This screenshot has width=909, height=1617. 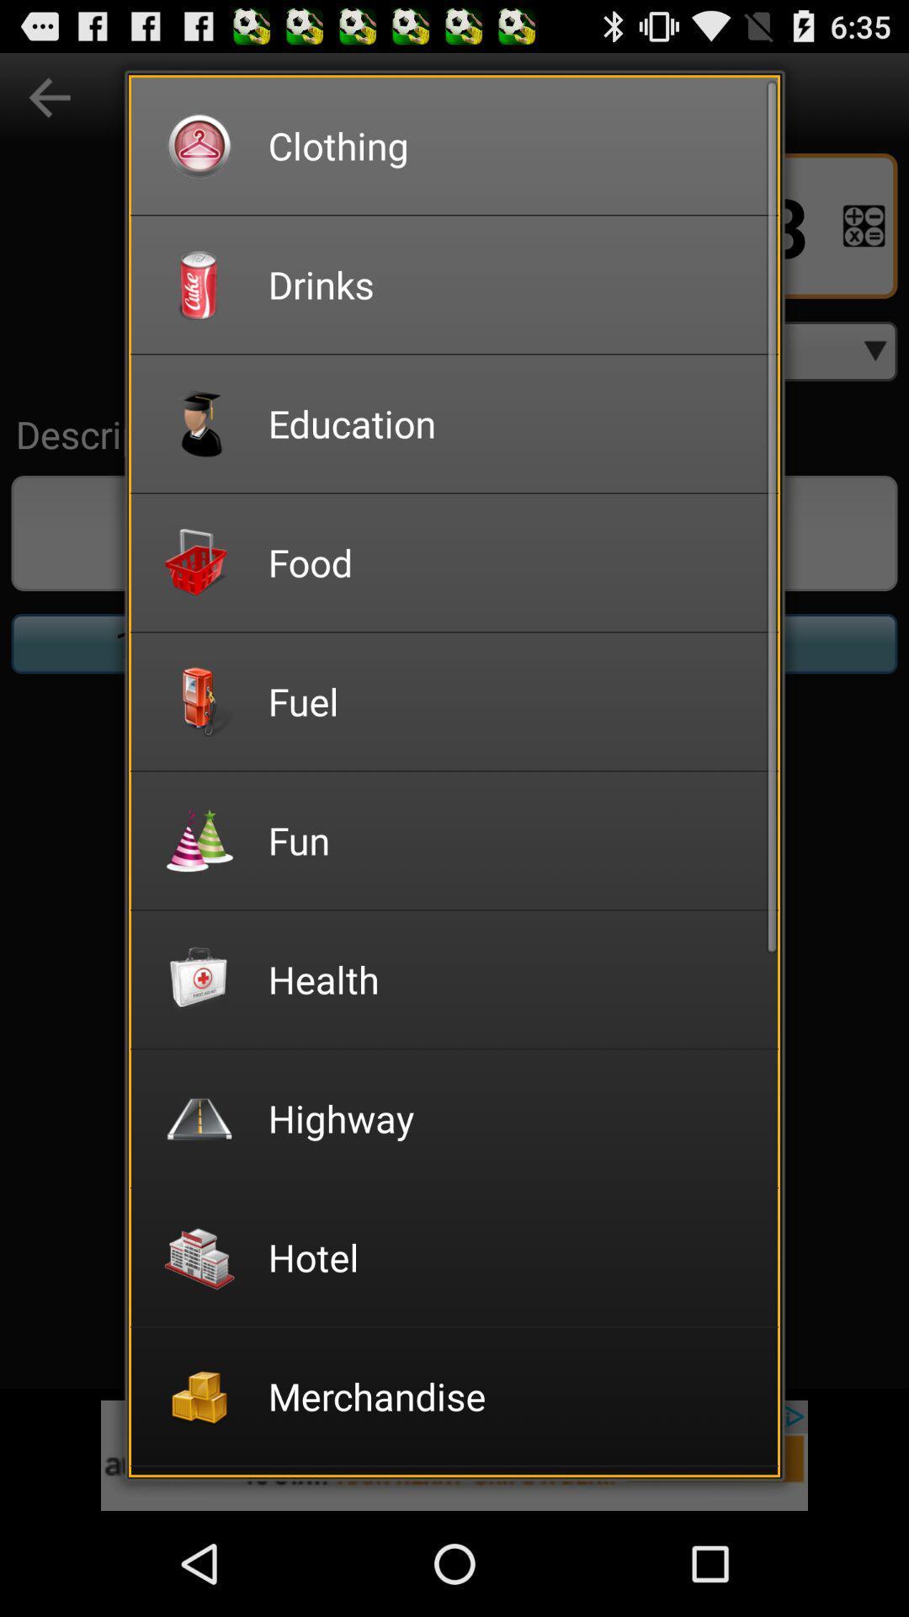 I want to click on the merchandise icon, so click(x=511, y=1396).